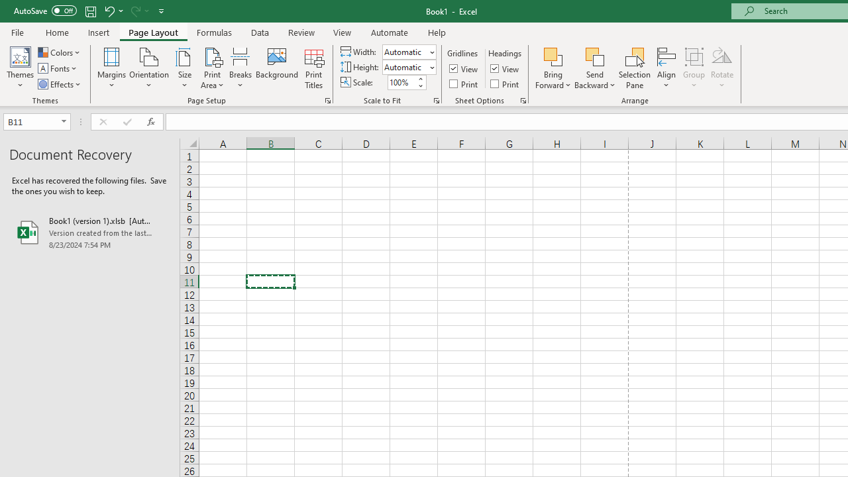 This screenshot has height=477, width=848. What do you see at coordinates (409, 51) in the screenshot?
I see `'Width'` at bounding box center [409, 51].